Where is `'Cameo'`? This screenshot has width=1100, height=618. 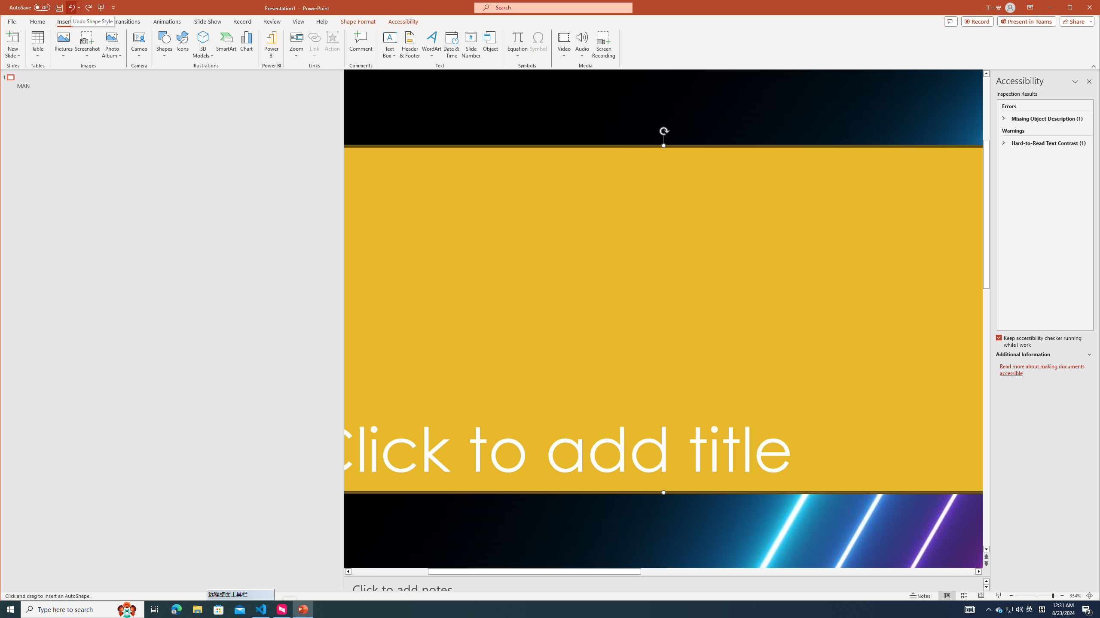 'Cameo' is located at coordinates (138, 44).